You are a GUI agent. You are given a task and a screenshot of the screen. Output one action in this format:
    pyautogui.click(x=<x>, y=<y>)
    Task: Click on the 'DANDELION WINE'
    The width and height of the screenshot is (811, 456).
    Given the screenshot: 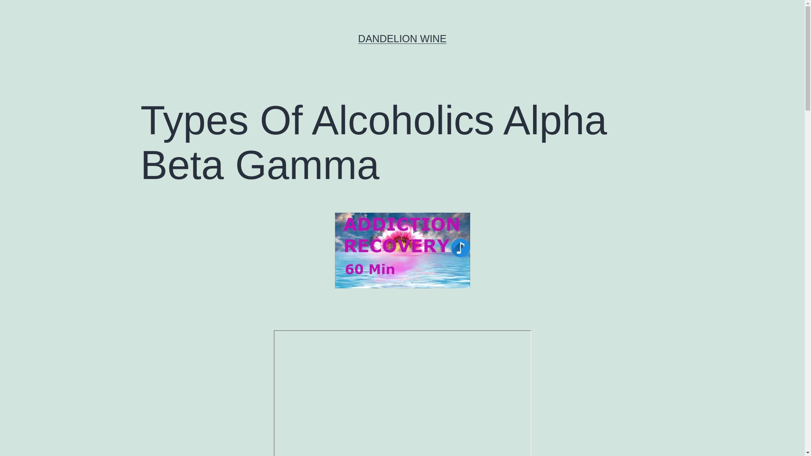 What is the action you would take?
    pyautogui.click(x=358, y=38)
    